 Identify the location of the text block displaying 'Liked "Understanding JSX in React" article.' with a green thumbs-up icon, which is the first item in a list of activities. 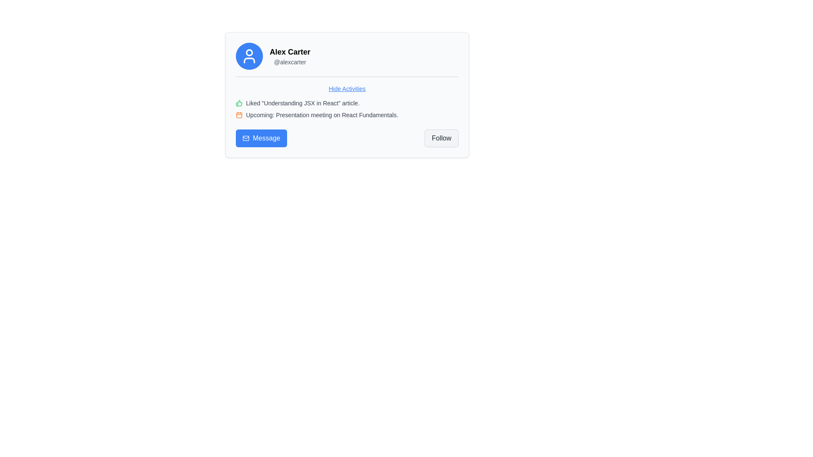
(347, 102).